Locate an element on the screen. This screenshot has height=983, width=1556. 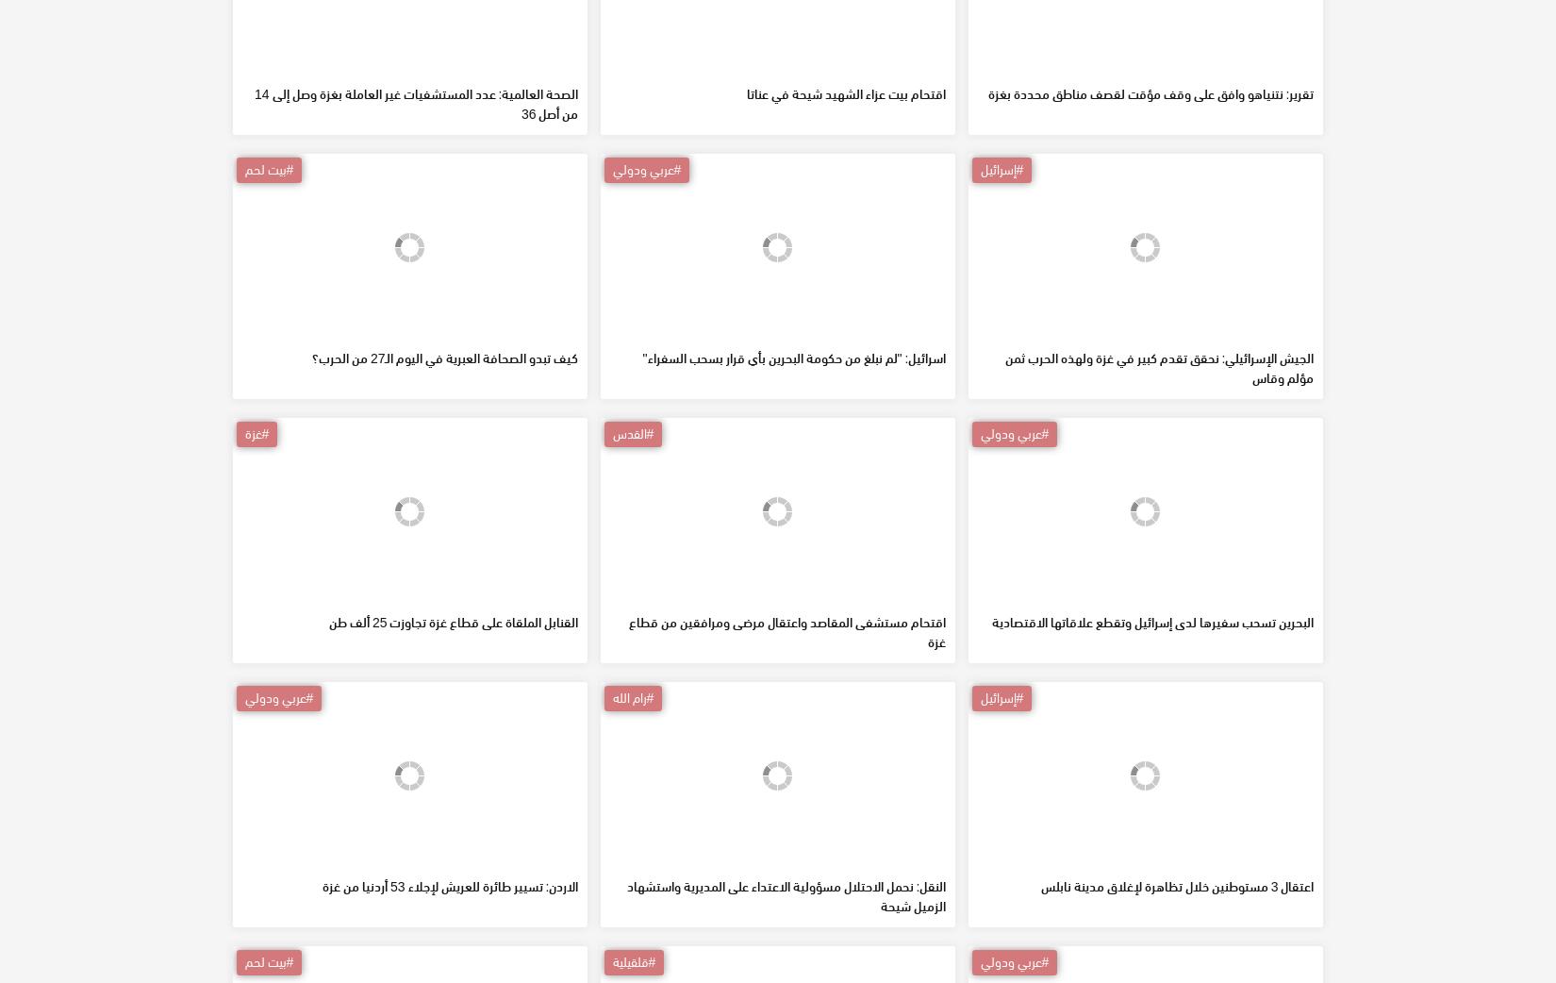
'الصحة العالمية: عدد المستشفيات غير العاملة بغزة وصل إلى 14 من أصل 36' is located at coordinates (415, 239).